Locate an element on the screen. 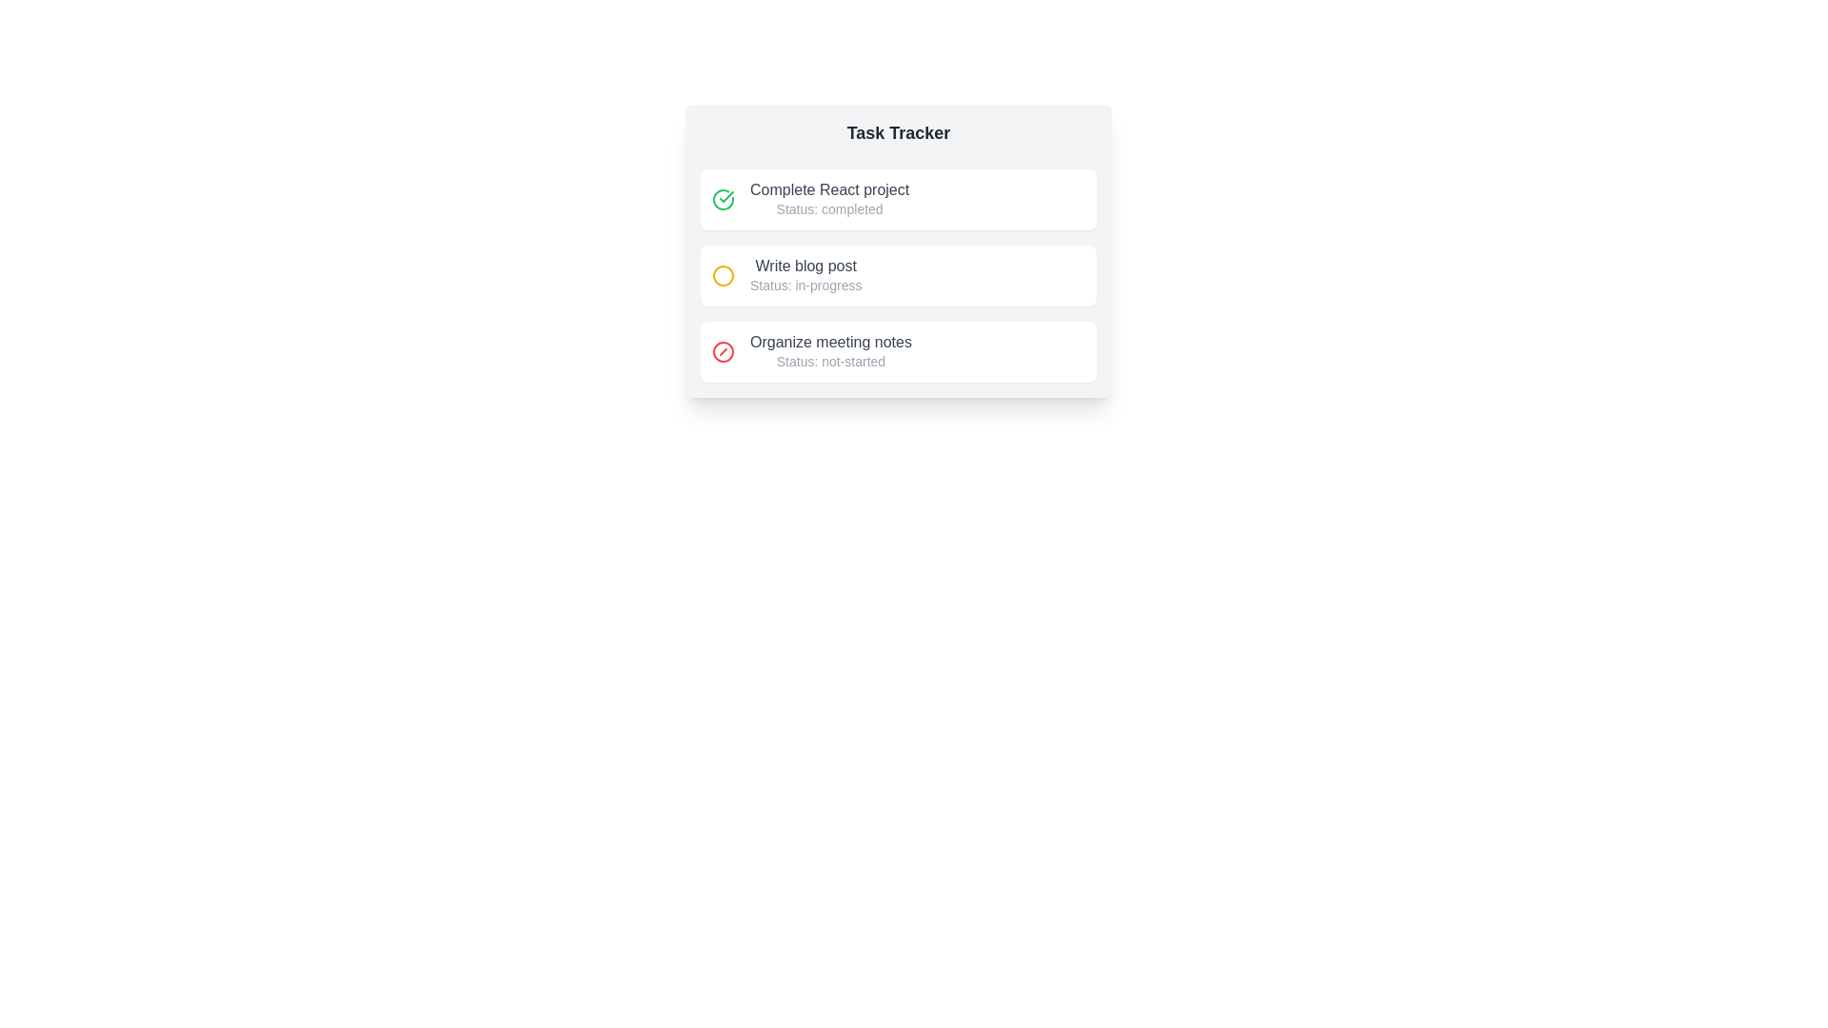 The height and width of the screenshot is (1028, 1828). the green checkmark icon inside the circular outline, which indicates the completion status of the 'Complete React project' task in the task tracker interface is located at coordinates (725, 197).